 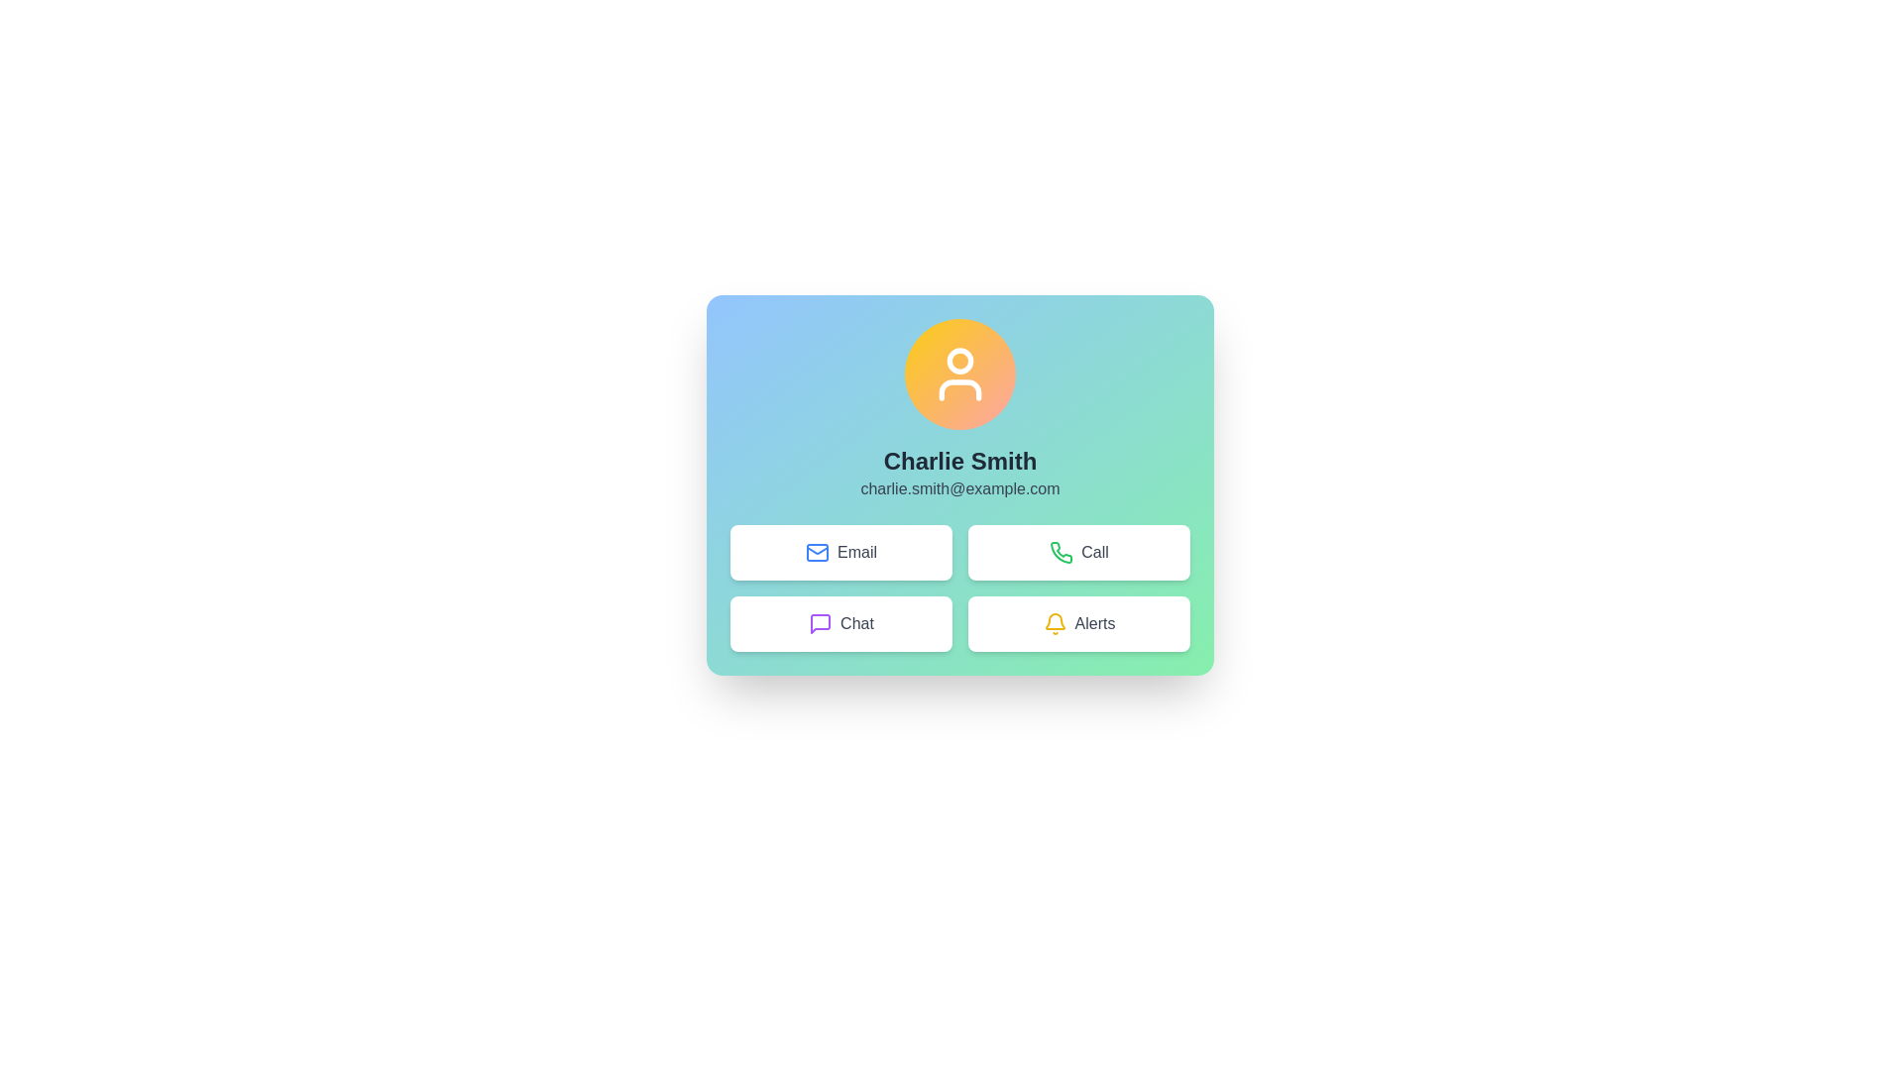 I want to click on the button in the top-right corner of the grid, which is the second element in the first row, to initiate a call, so click(x=1078, y=553).